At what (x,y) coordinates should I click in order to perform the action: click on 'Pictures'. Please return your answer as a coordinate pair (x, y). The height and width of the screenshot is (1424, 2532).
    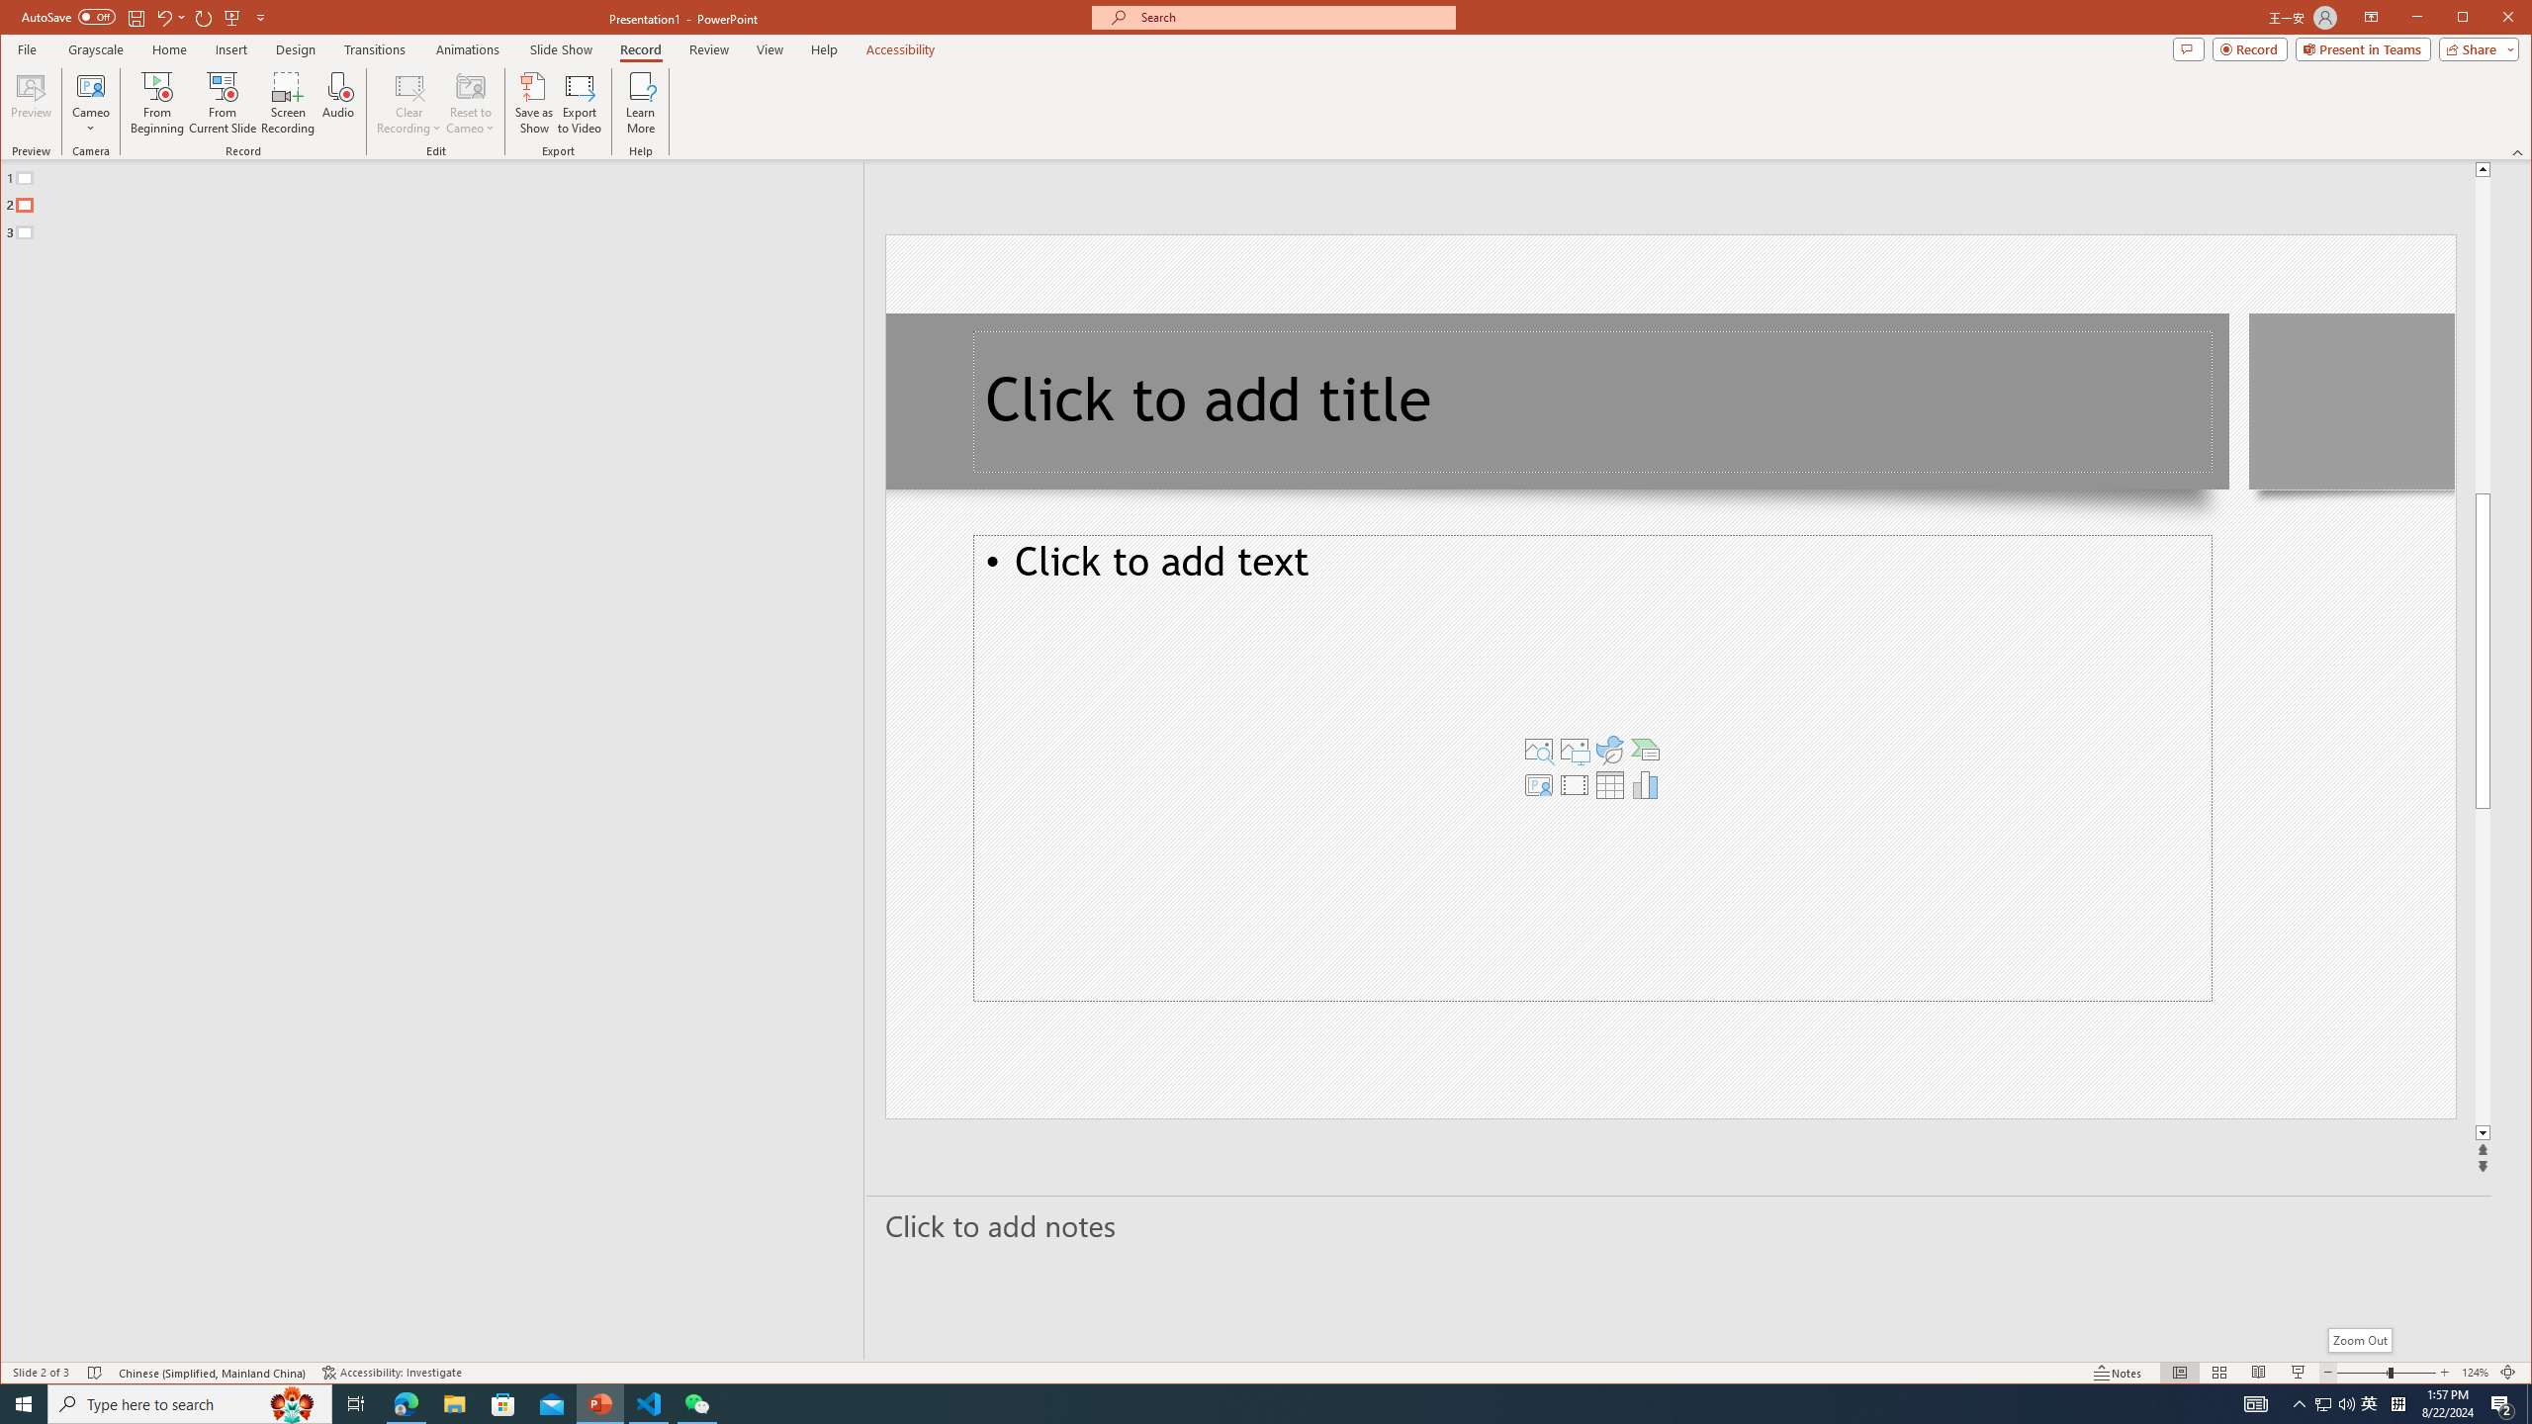
    Looking at the image, I should click on (1574, 750).